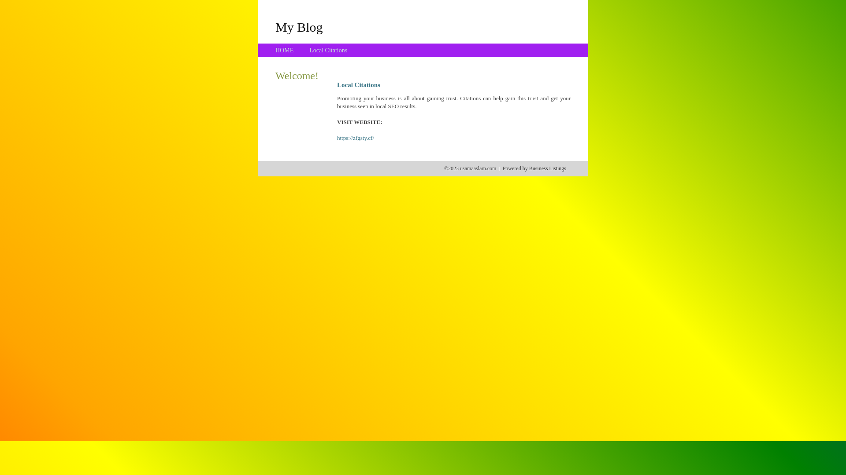 The width and height of the screenshot is (846, 475). What do you see at coordinates (547, 168) in the screenshot?
I see `'Business Listings'` at bounding box center [547, 168].